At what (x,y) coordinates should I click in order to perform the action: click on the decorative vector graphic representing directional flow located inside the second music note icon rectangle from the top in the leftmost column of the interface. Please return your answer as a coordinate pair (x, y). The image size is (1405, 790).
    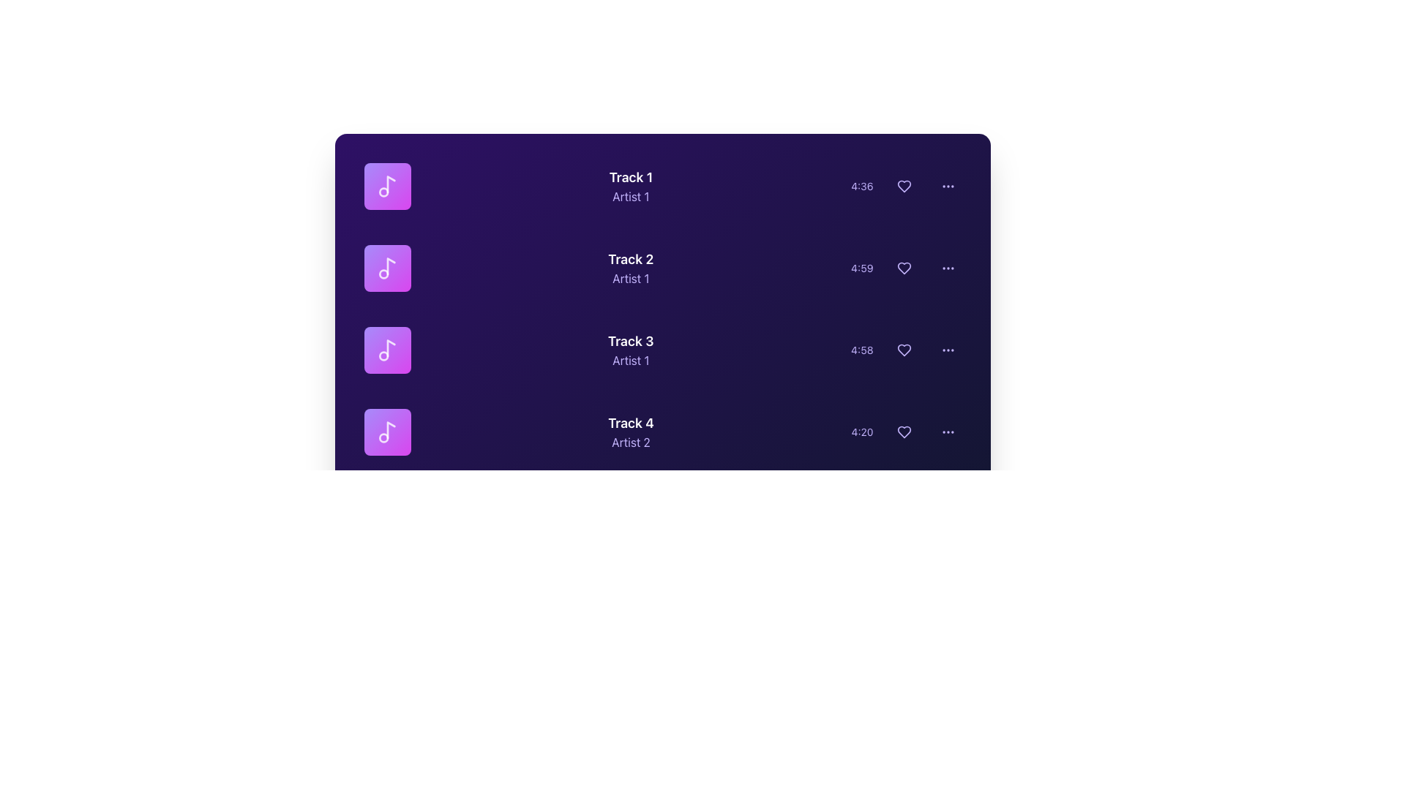
    Looking at the image, I should click on (388, 268).